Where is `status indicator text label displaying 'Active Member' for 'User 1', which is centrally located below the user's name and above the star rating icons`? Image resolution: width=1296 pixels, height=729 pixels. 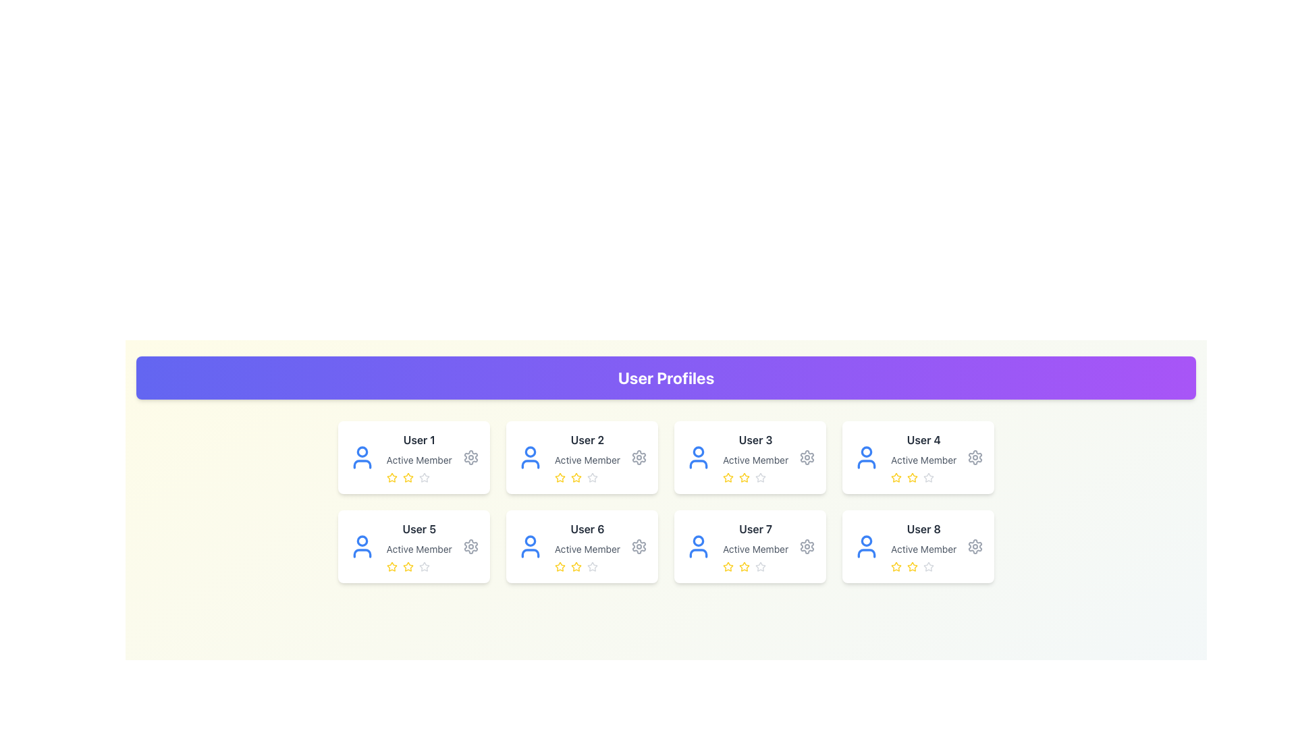 status indicator text label displaying 'Active Member' for 'User 1', which is centrally located below the user's name and above the star rating icons is located at coordinates (418, 460).